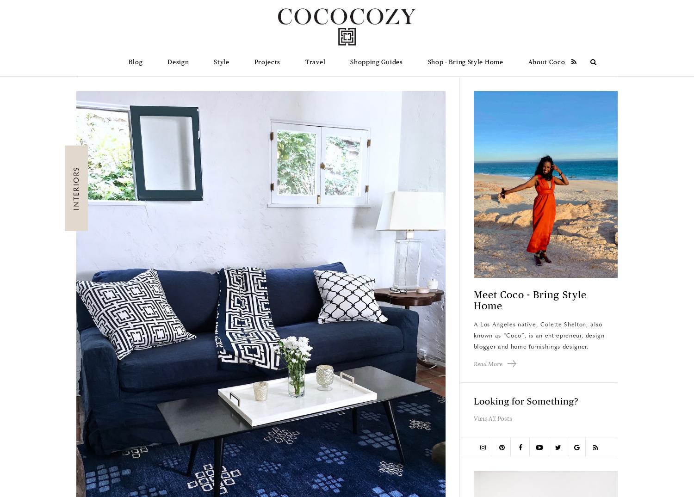  What do you see at coordinates (135, 62) in the screenshot?
I see `'Blog'` at bounding box center [135, 62].